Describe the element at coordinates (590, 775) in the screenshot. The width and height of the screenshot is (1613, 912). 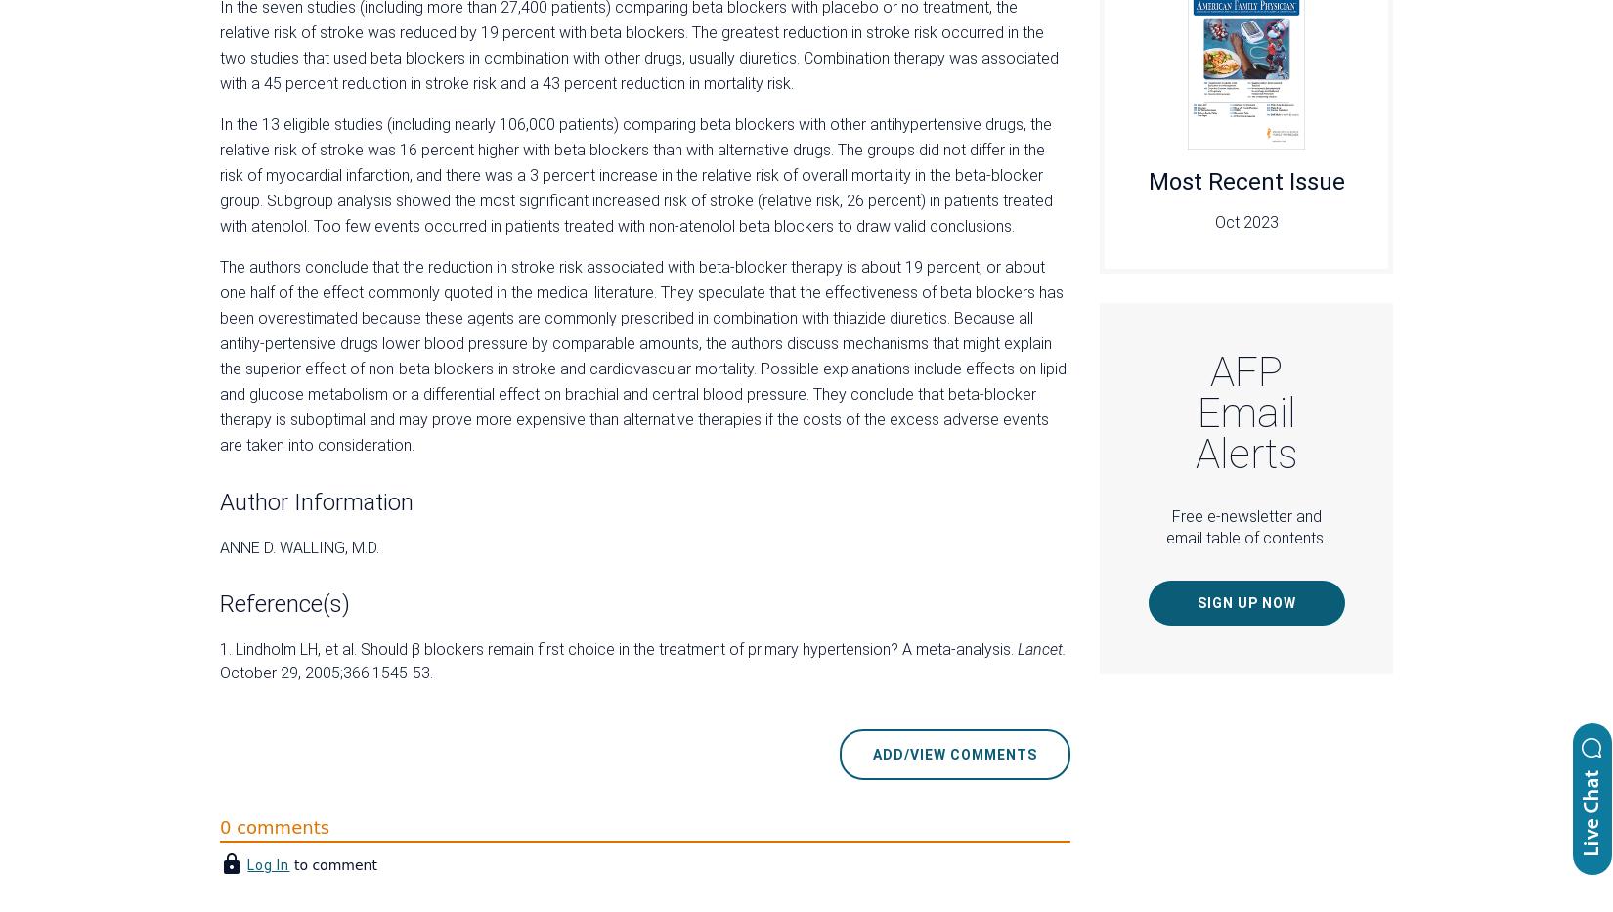
I see `'Subscribers'` at that location.